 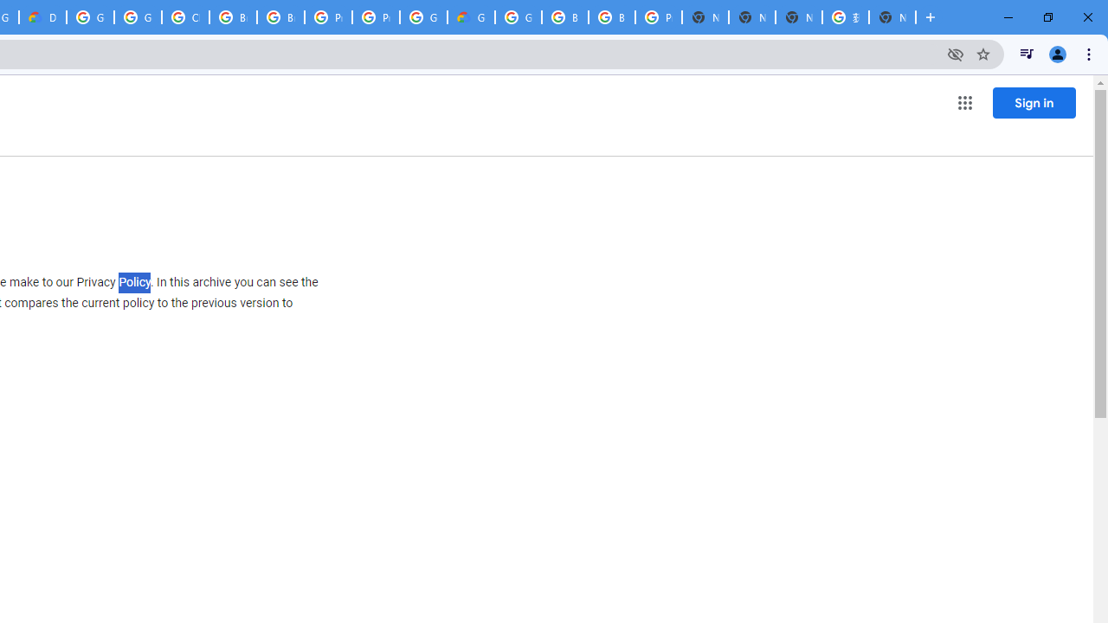 What do you see at coordinates (892, 17) in the screenshot?
I see `'New Tab'` at bounding box center [892, 17].